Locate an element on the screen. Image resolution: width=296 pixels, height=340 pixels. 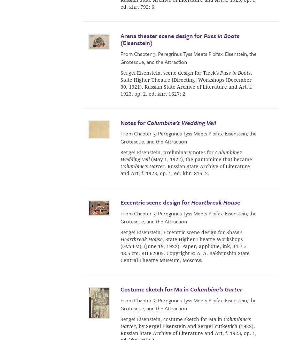
'Arena theater scene design for' is located at coordinates (120, 35).